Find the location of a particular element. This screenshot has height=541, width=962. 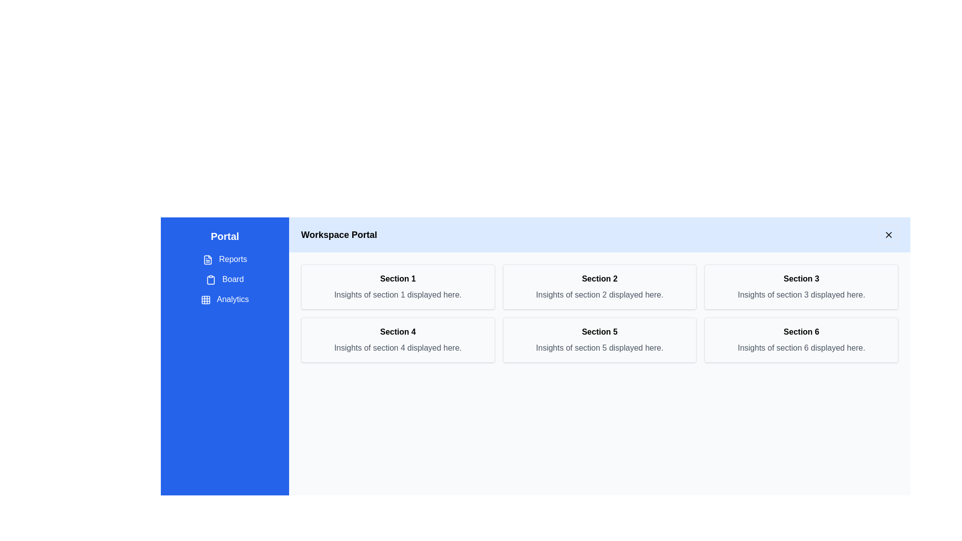

the 'Board' hyperlink with a clipboard icon in the sidebar menu is located at coordinates (224, 280).